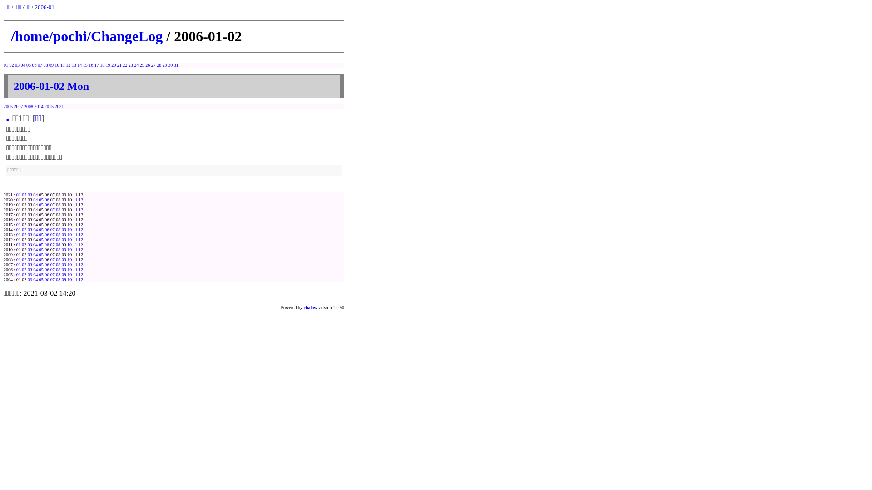 Image resolution: width=872 pixels, height=490 pixels. I want to click on '04', so click(35, 279).